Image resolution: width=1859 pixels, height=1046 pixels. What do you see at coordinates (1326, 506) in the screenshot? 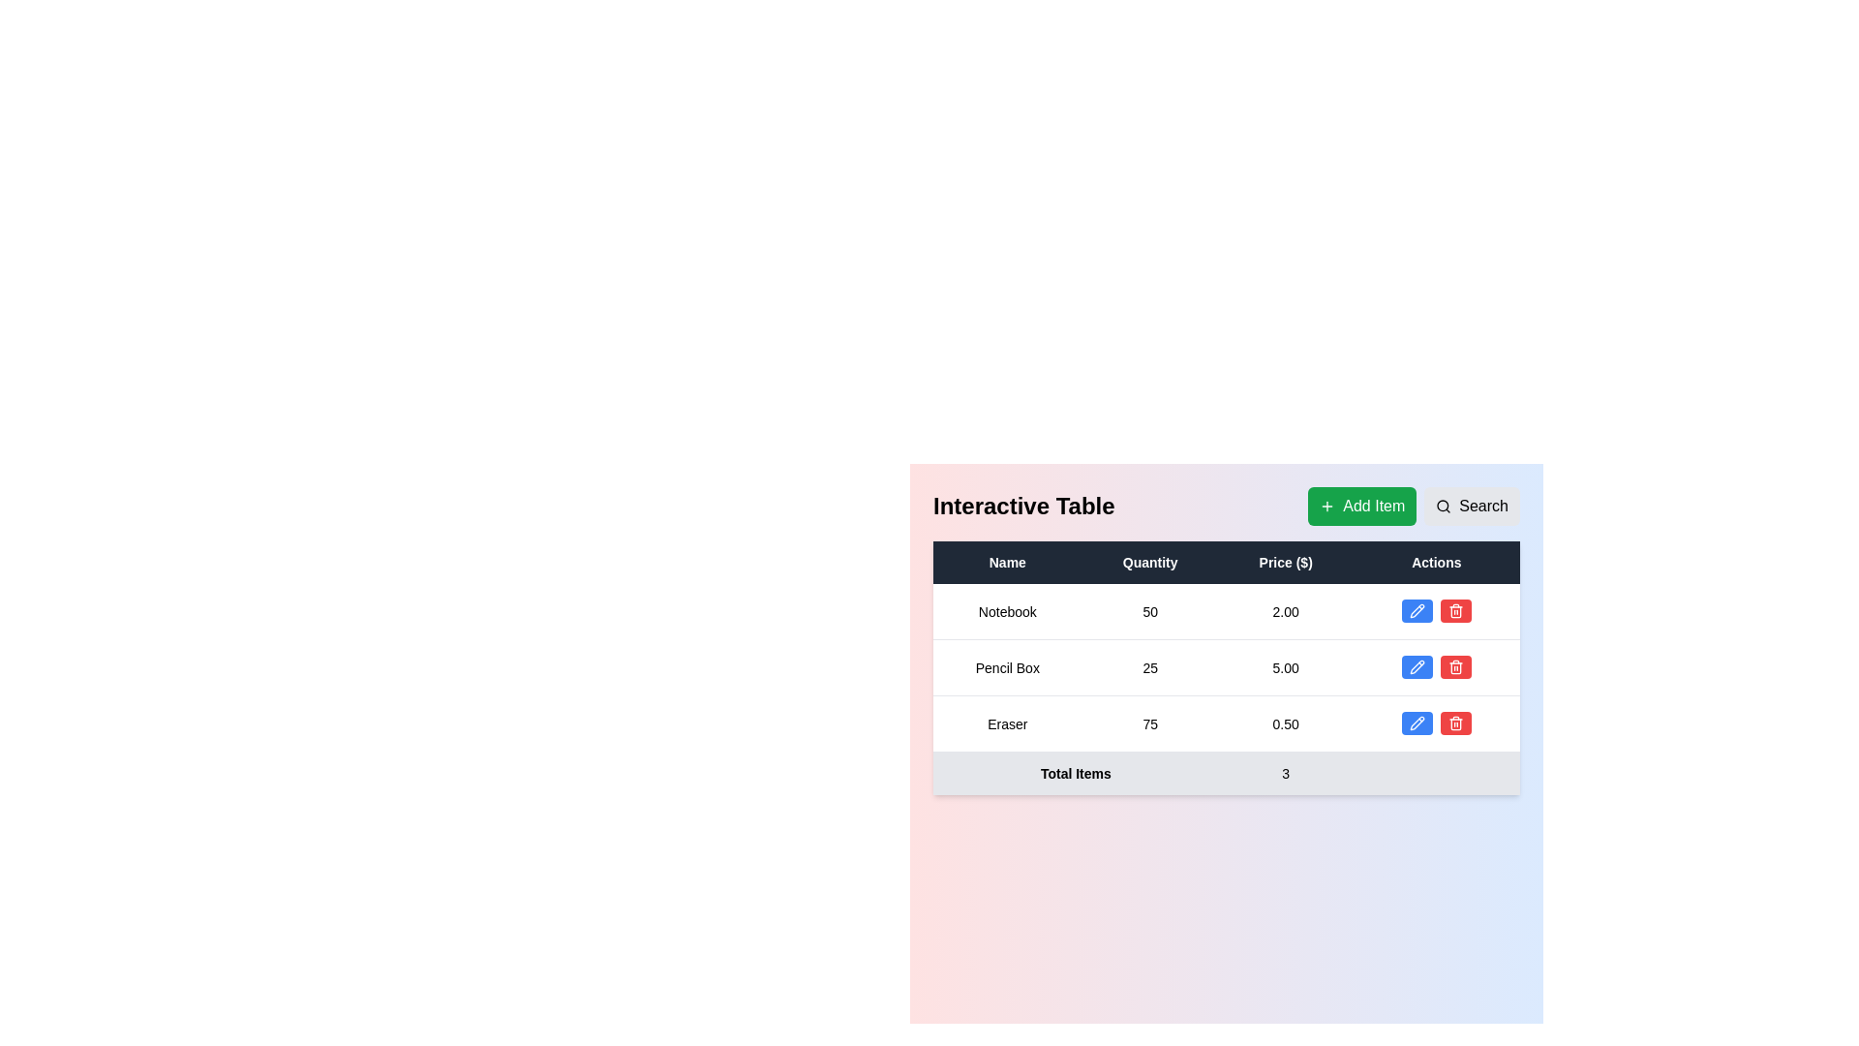
I see `the green button labeled 'Add Item' which contains the small plus-shaped icon, located in the upper right section of the interface` at bounding box center [1326, 506].